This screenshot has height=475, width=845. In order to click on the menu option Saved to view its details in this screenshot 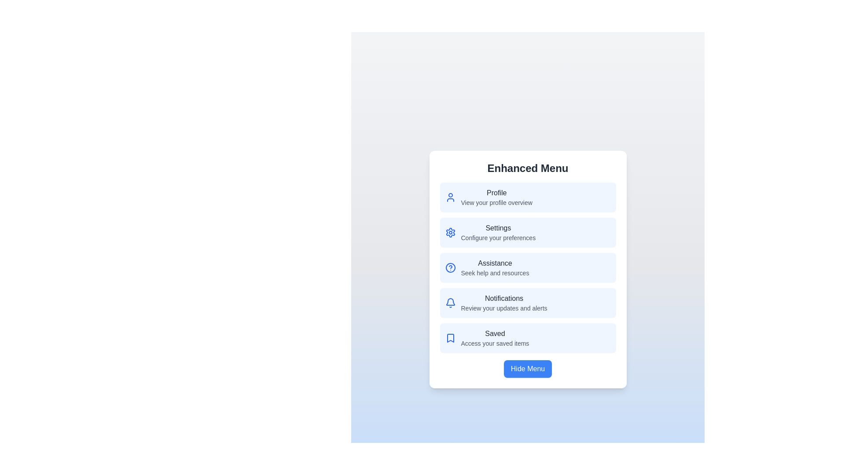, I will do `click(528, 337)`.